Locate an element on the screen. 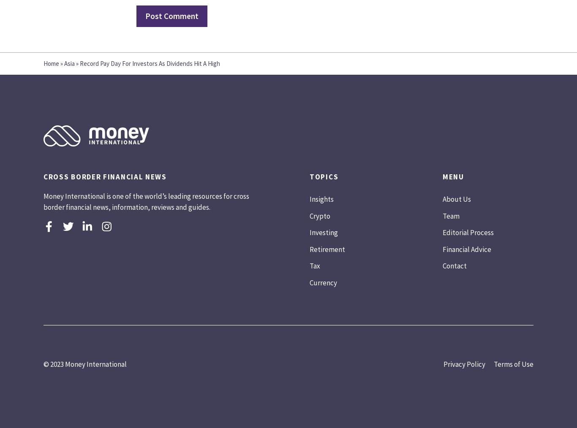 The image size is (577, 428). 'About Us' is located at coordinates (442, 199).